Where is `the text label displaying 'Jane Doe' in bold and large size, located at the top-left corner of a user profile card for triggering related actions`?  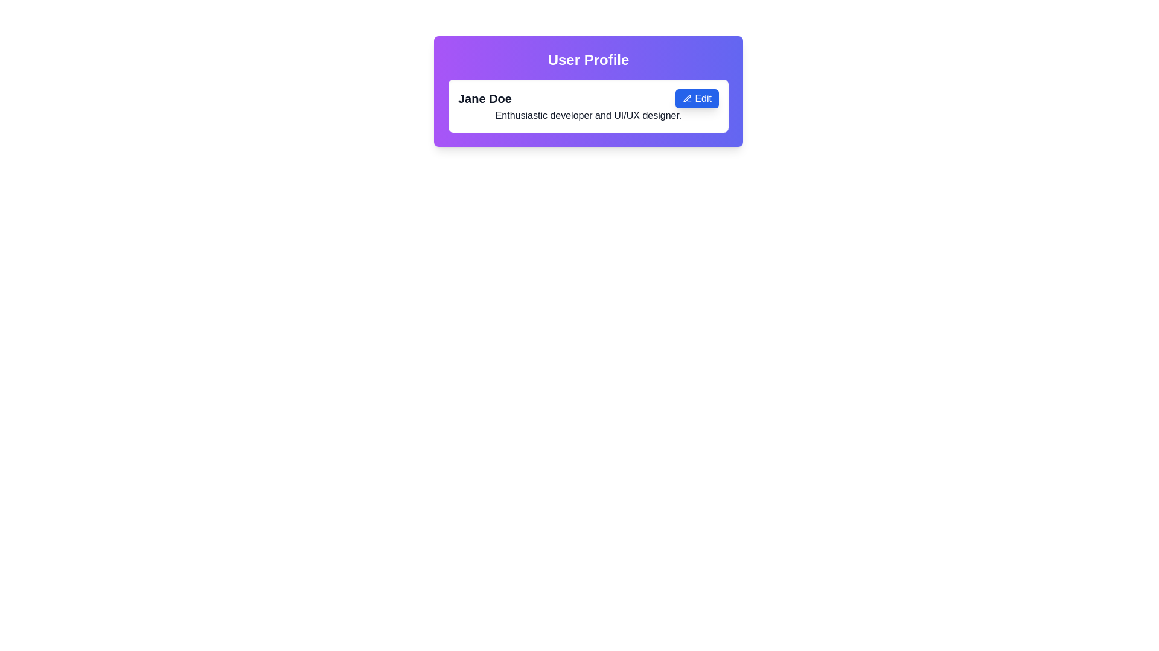
the text label displaying 'Jane Doe' in bold and large size, located at the top-left corner of a user profile card for triggering related actions is located at coordinates (485, 98).